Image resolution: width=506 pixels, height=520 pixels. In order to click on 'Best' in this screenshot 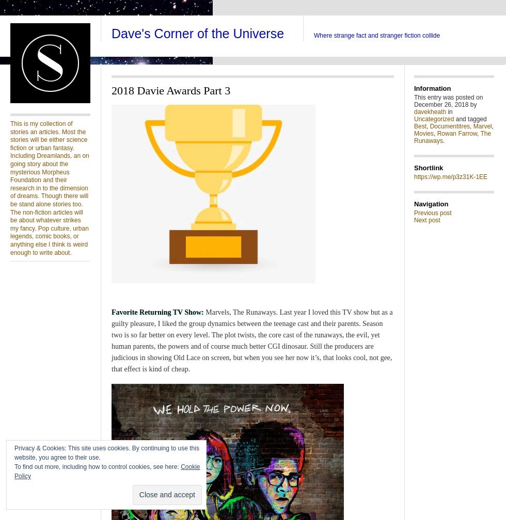, I will do `click(420, 126)`.